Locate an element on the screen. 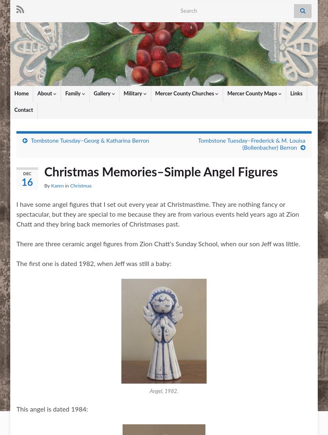 The height and width of the screenshot is (435, 328). 'There are three ceramic angel figures from Zion Chatt’s Sunday School, when our son Jeff was little.' is located at coordinates (157, 244).